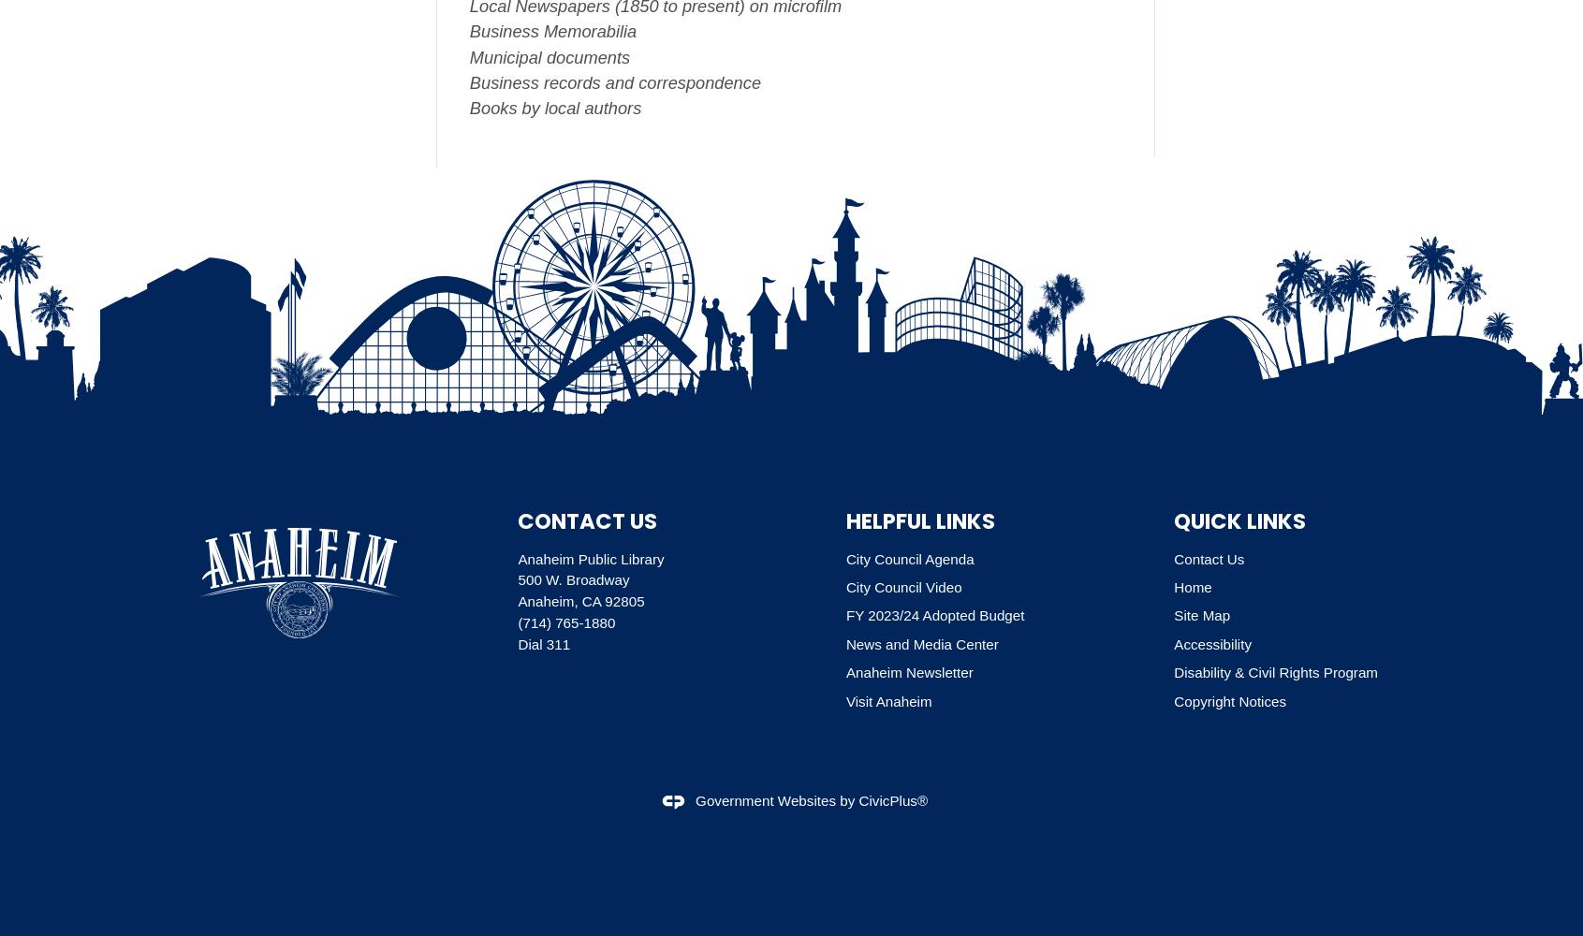 This screenshot has height=936, width=1583. I want to click on 'City Council Agenda', so click(844, 557).